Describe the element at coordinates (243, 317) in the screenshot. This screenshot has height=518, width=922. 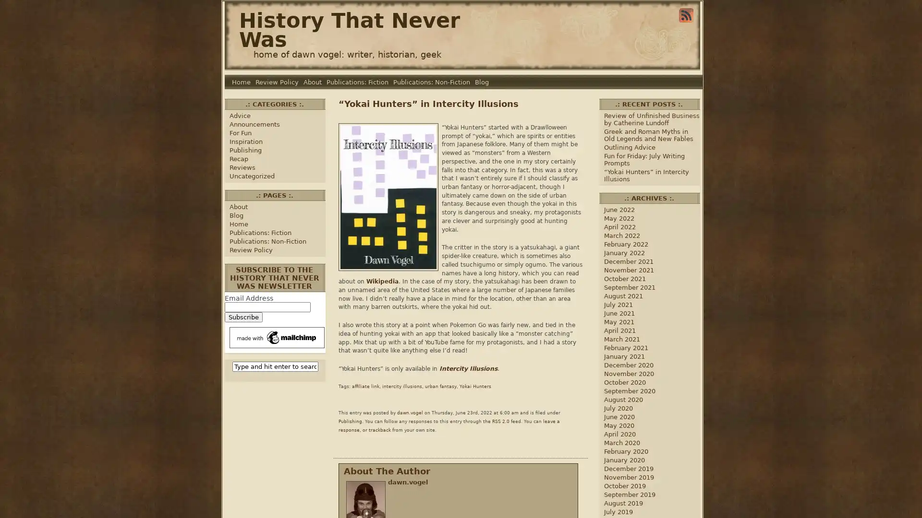
I see `Subscribe` at that location.